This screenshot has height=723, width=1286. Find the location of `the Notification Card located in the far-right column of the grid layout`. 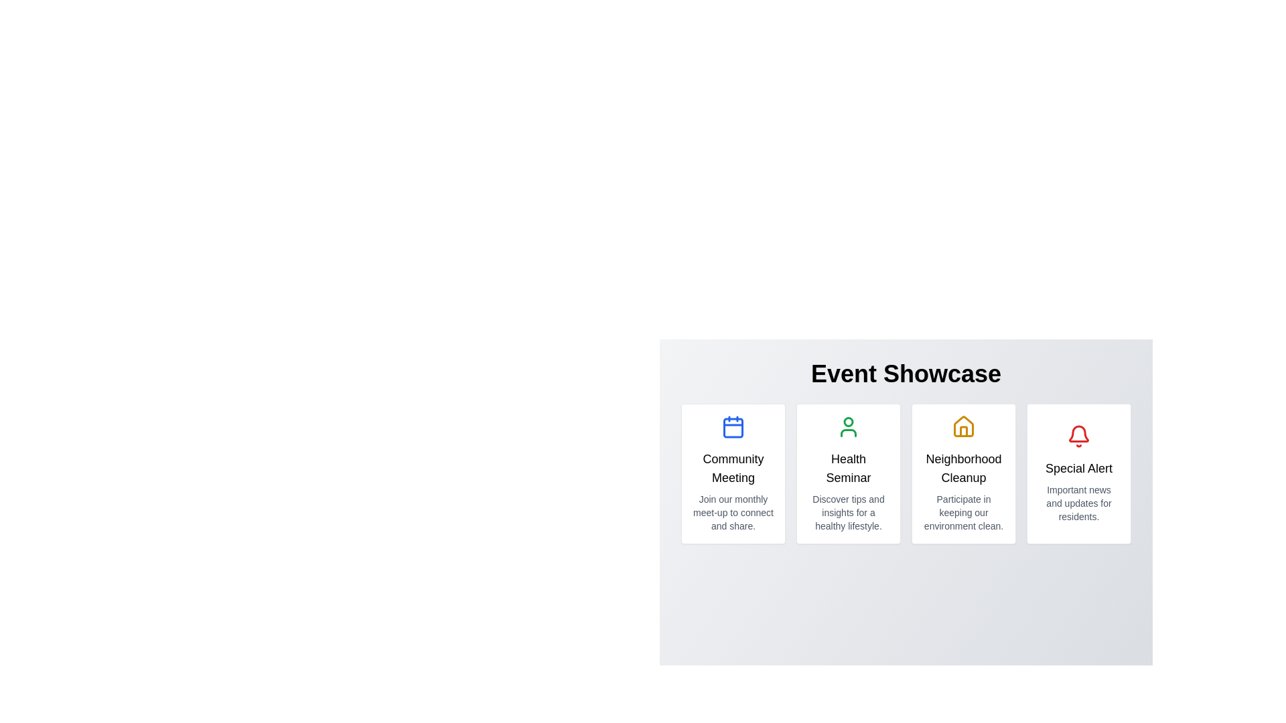

the Notification Card located in the far-right column of the grid layout is located at coordinates (1079, 473).